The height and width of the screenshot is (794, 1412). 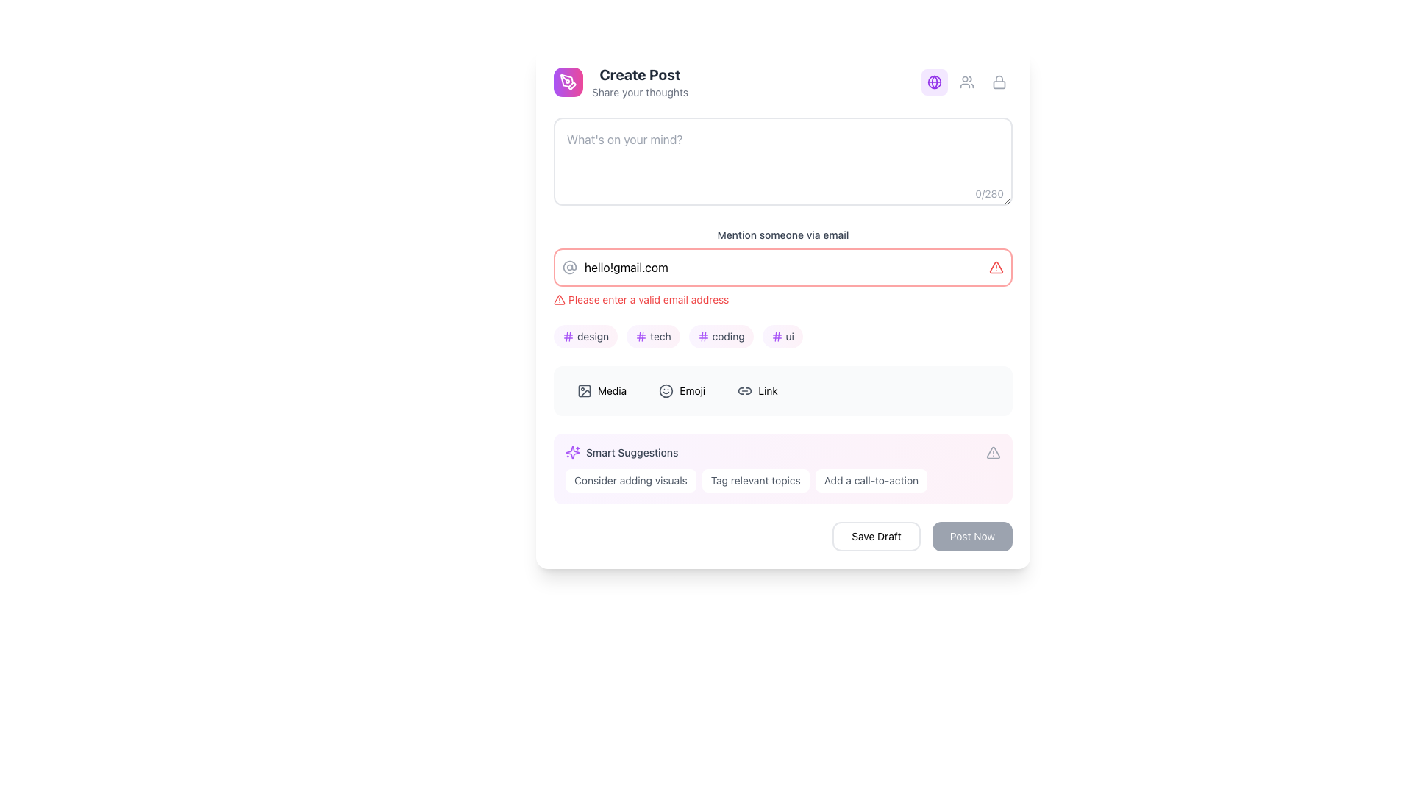 I want to click on the Button Icon located at the top-left corner of the 'Link' button, so click(x=745, y=390).